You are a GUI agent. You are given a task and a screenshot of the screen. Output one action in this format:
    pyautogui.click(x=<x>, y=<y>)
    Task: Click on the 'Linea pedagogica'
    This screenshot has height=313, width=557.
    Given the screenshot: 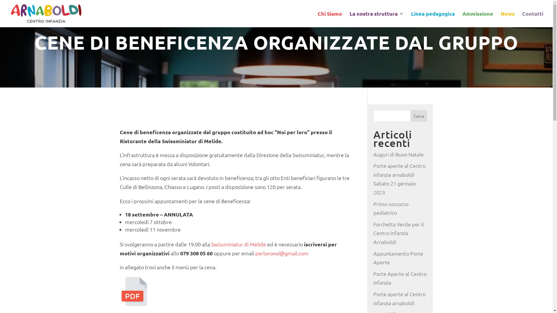 What is the action you would take?
    pyautogui.click(x=410, y=19)
    